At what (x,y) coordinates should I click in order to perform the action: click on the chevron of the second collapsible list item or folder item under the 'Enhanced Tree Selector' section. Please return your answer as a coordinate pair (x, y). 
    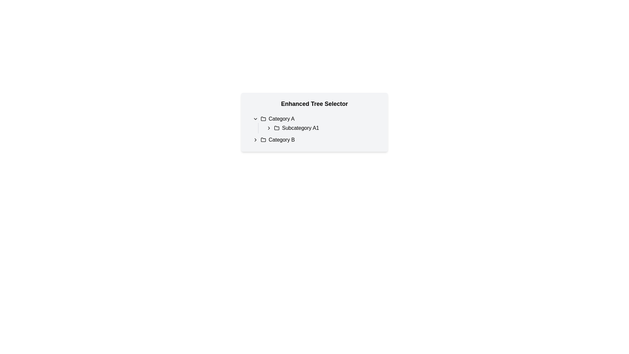
    Looking at the image, I should click on (317, 140).